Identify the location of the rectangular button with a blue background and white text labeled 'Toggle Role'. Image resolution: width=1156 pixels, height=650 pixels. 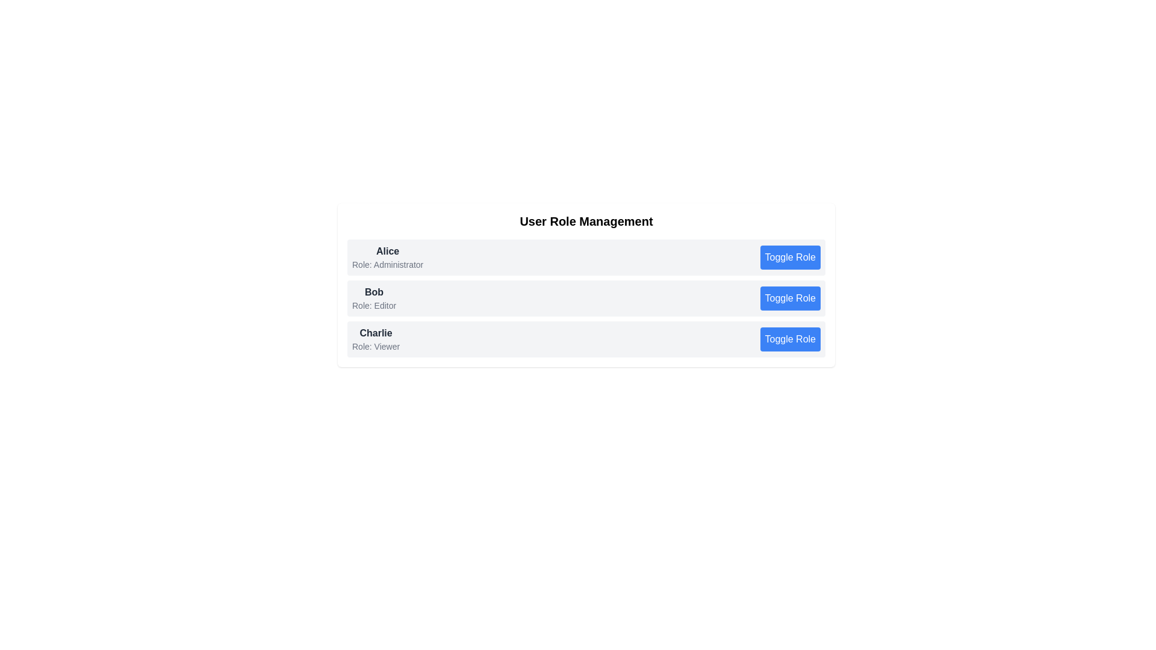
(790, 339).